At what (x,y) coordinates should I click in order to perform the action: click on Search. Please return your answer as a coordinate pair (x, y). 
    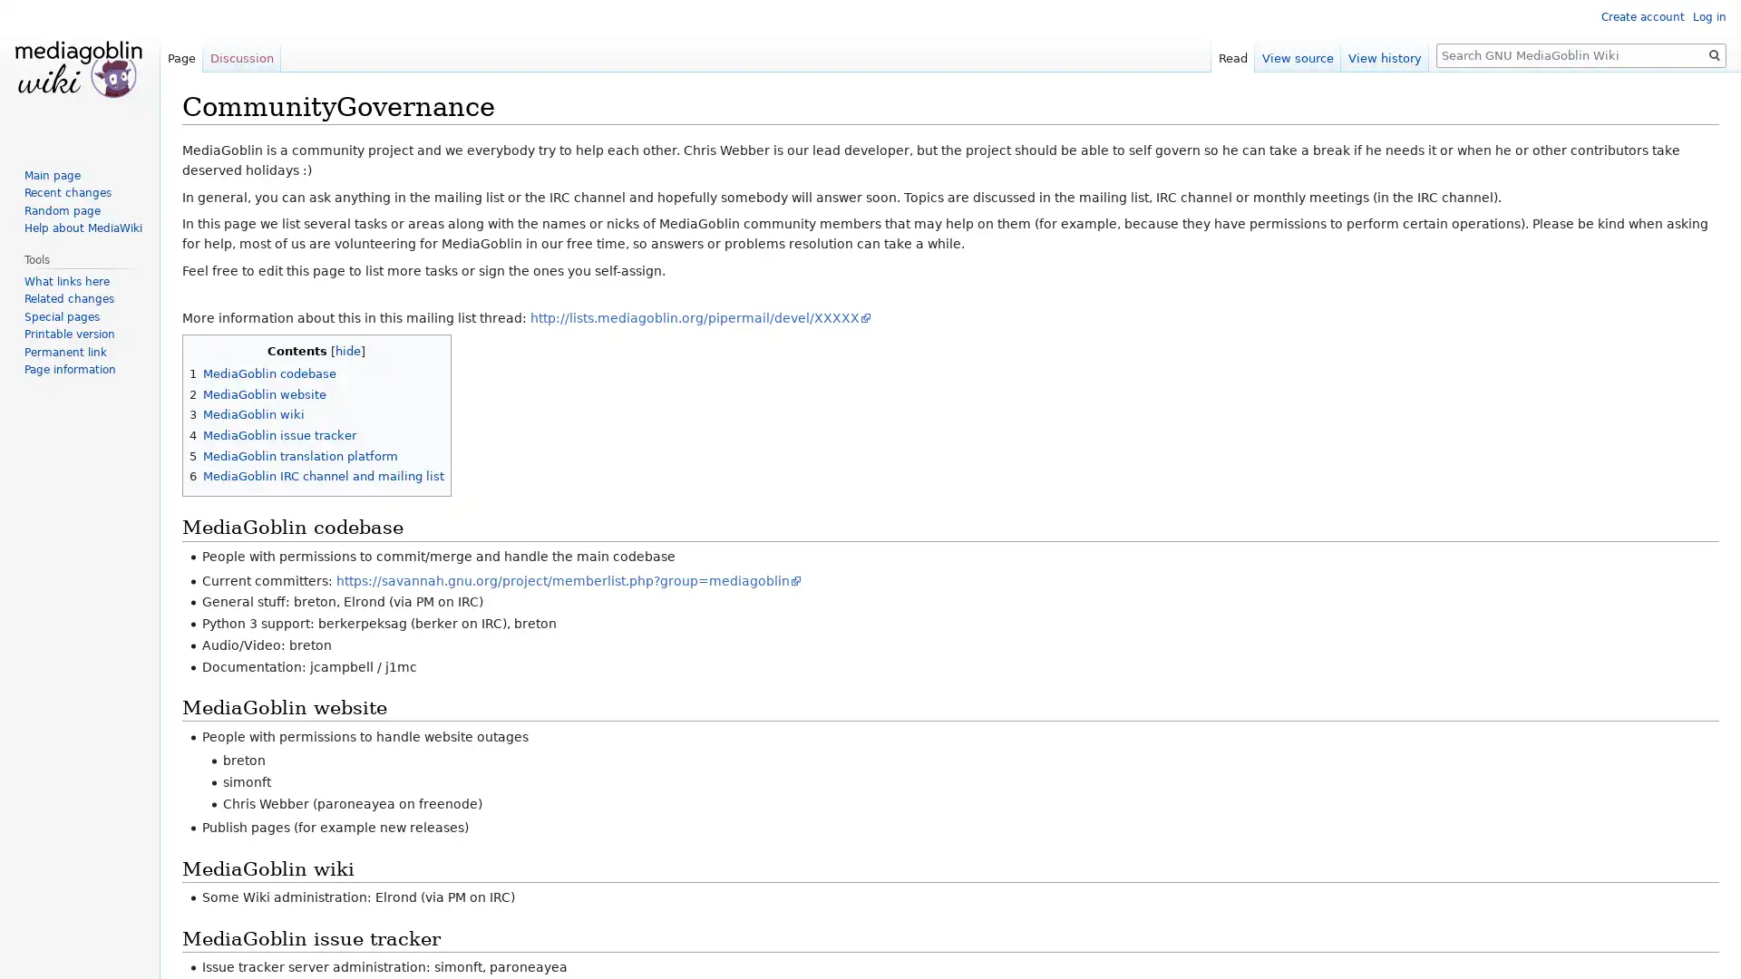
    Looking at the image, I should click on (1714, 54).